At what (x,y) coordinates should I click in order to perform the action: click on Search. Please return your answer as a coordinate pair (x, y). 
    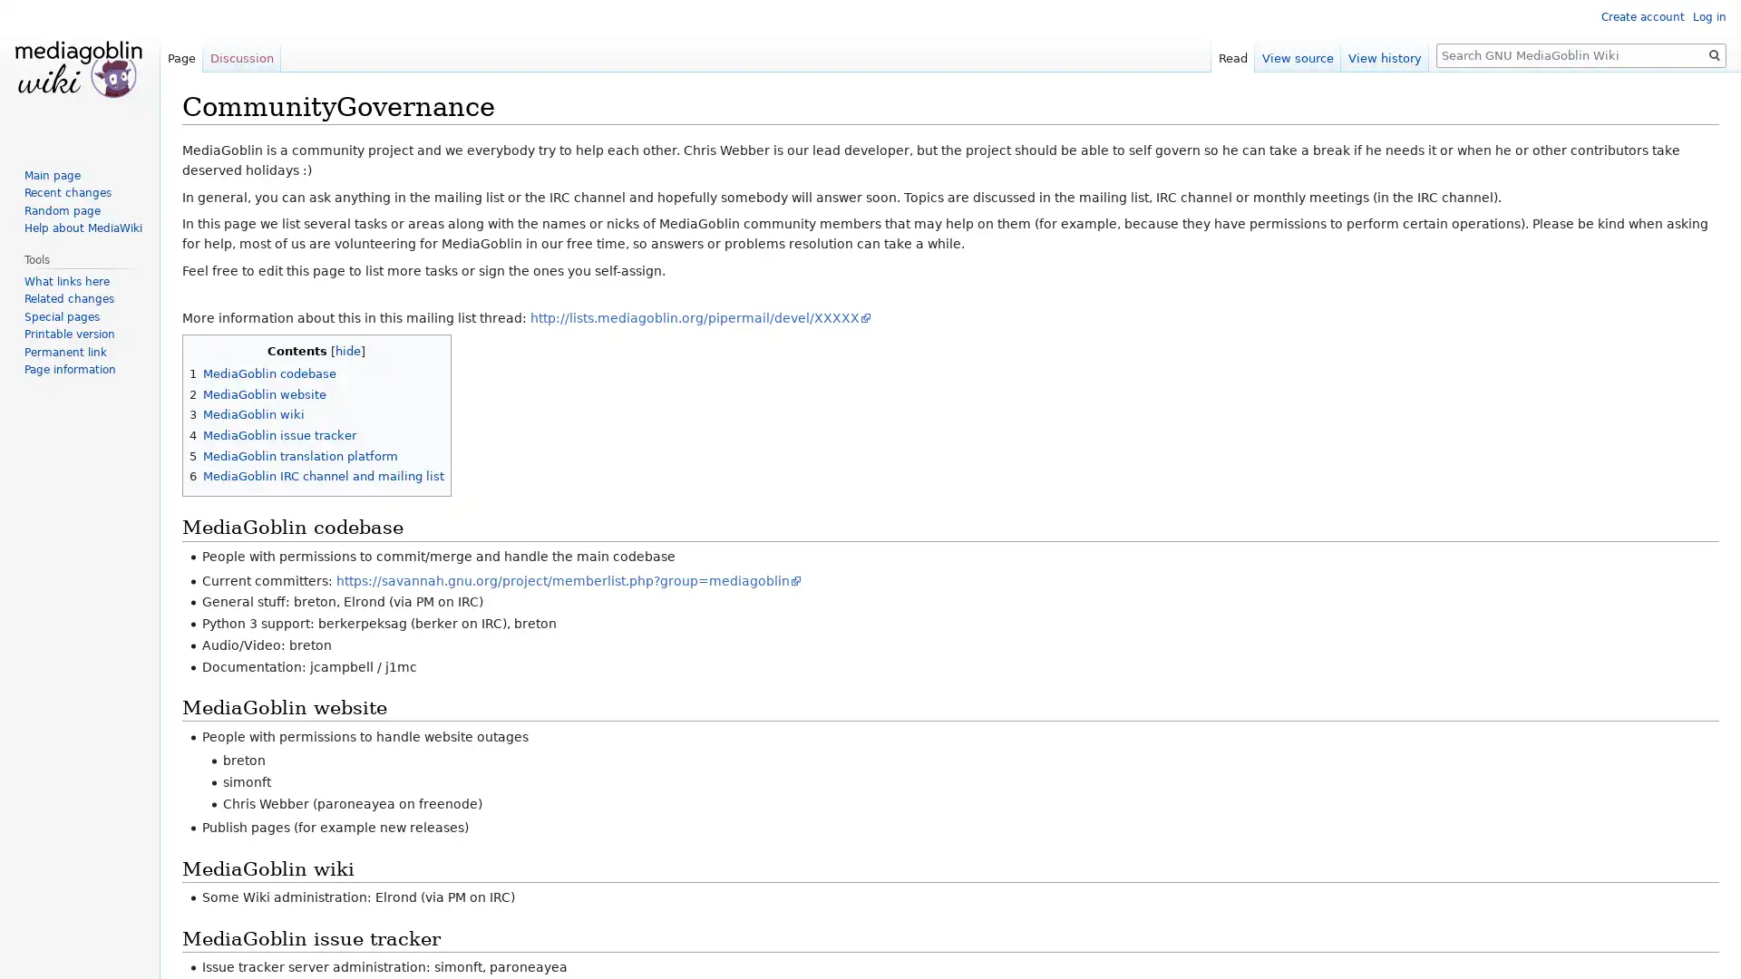
    Looking at the image, I should click on (1714, 54).